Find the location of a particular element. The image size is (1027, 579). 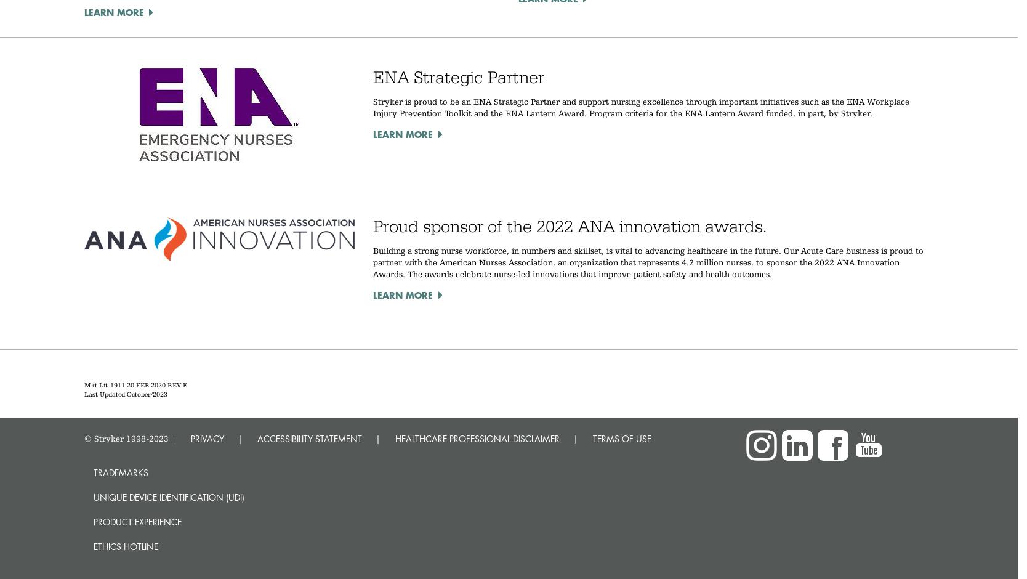

'Proud sponsor of the 2022 ANA innovation awards.' is located at coordinates (571, 225).